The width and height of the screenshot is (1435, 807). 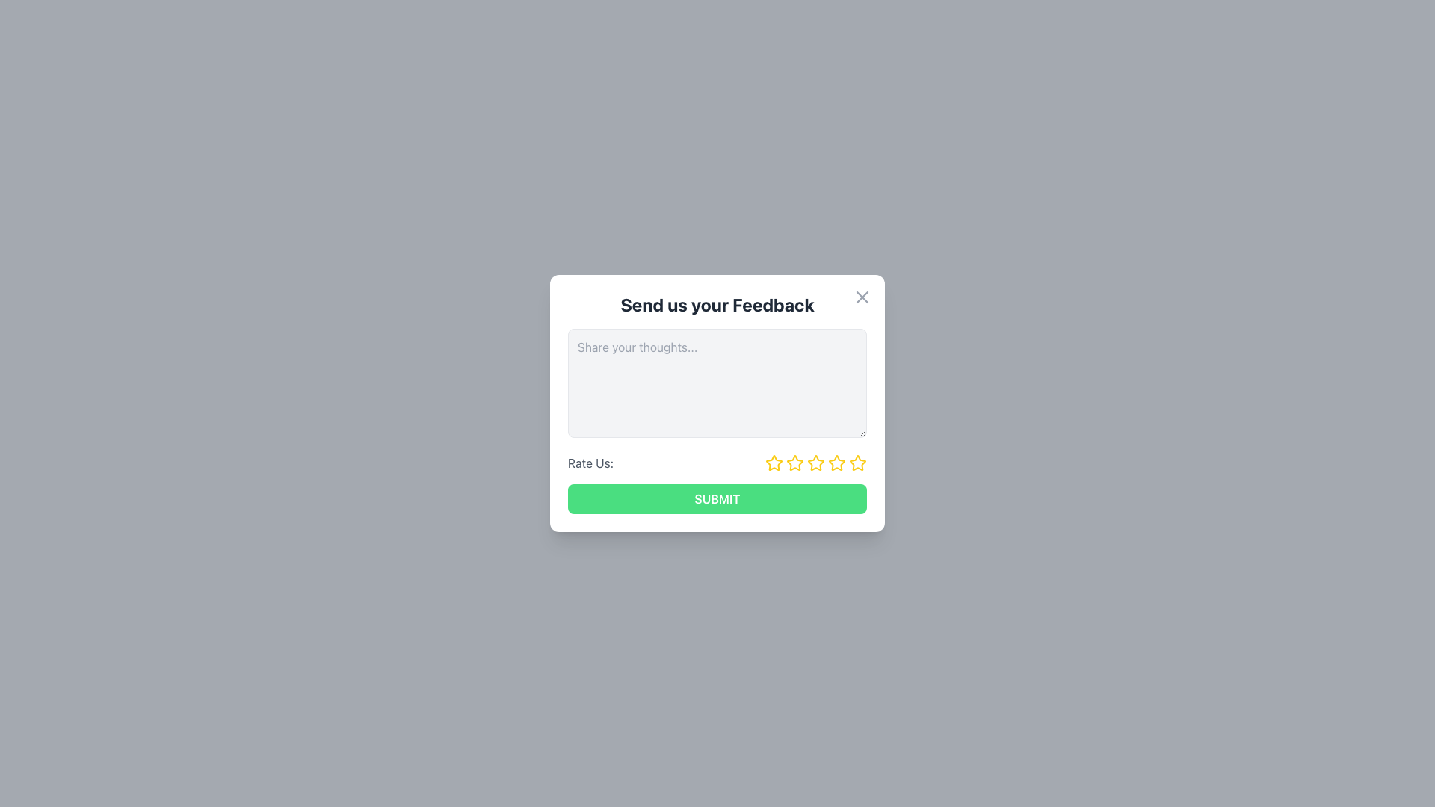 I want to click on the first rating star in the feedback form, so click(x=774, y=463).